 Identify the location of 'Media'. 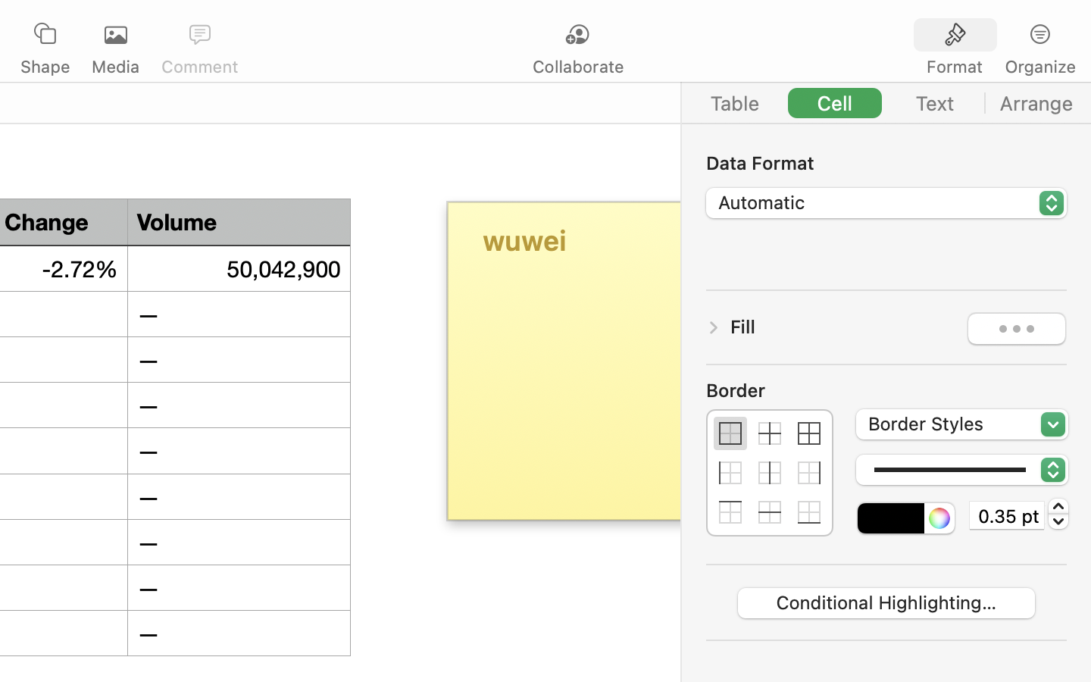
(114, 66).